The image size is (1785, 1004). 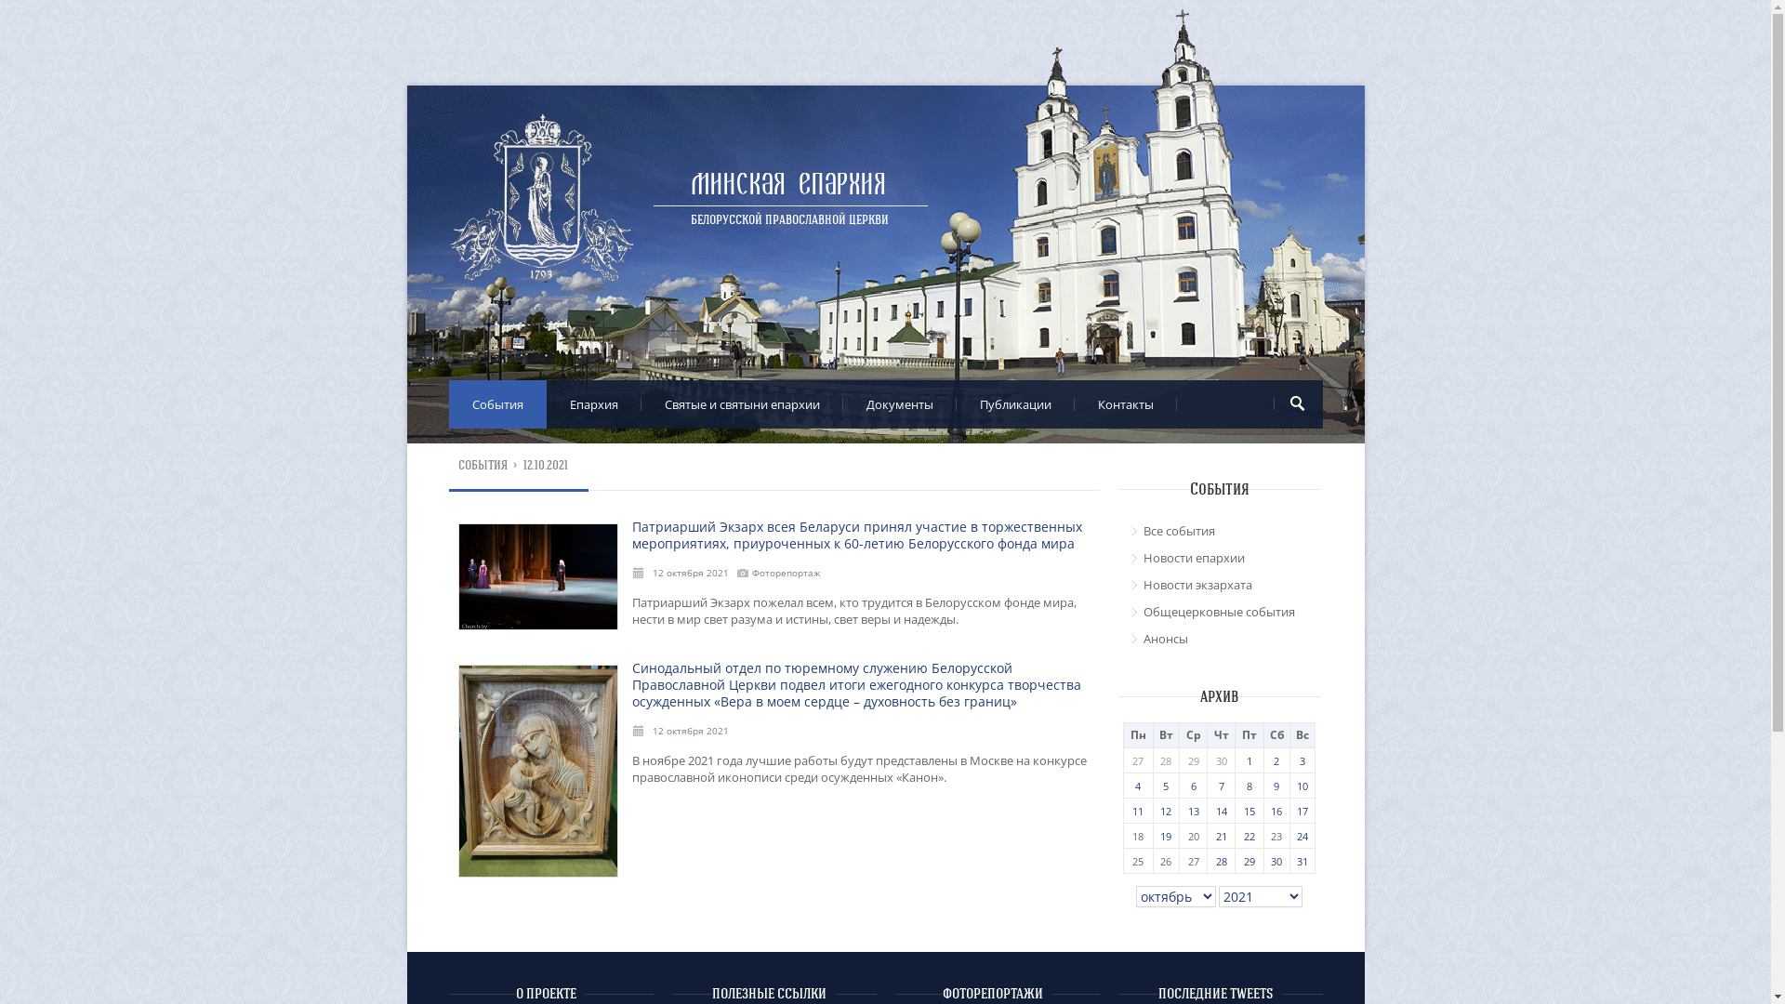 What do you see at coordinates (1164, 809) in the screenshot?
I see `'12'` at bounding box center [1164, 809].